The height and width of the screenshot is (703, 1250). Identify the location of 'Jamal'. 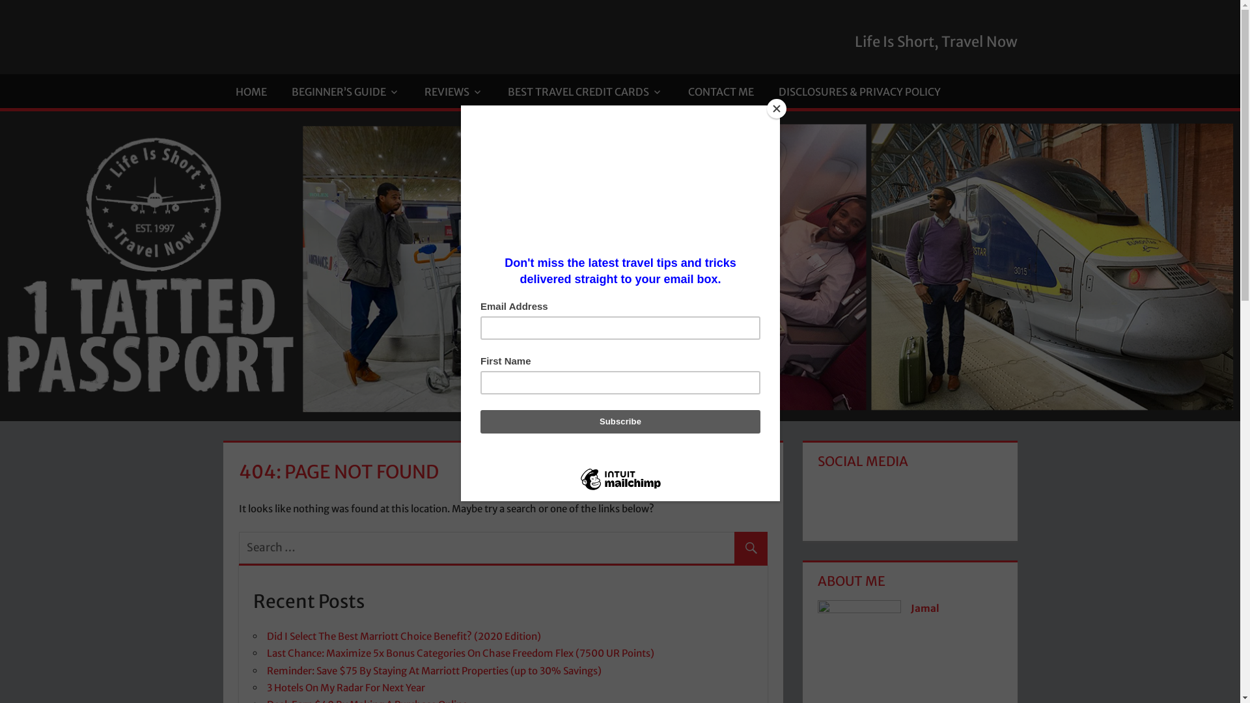
(910, 608).